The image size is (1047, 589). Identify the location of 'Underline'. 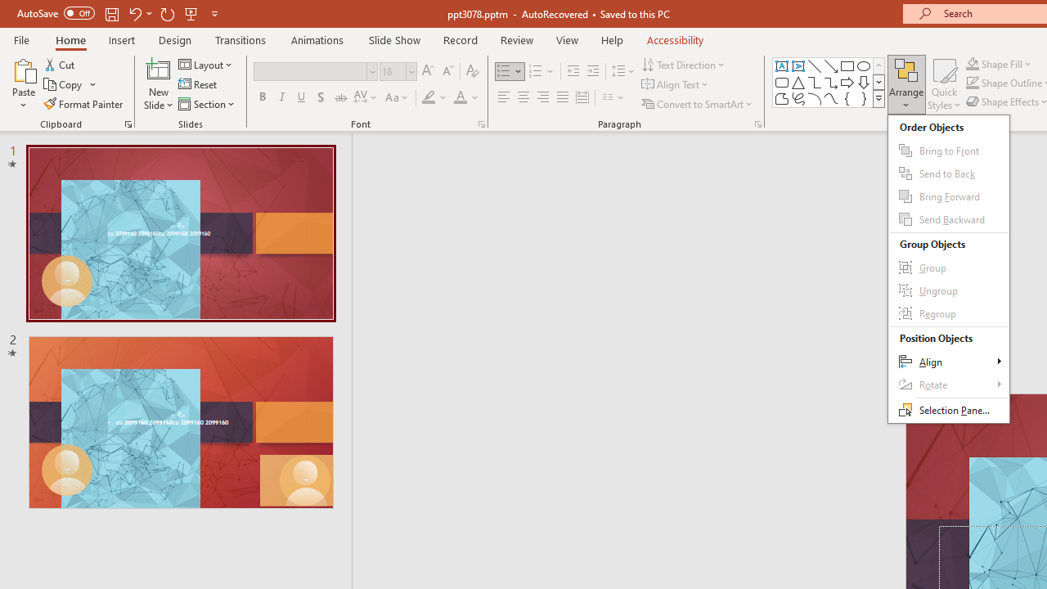
(302, 97).